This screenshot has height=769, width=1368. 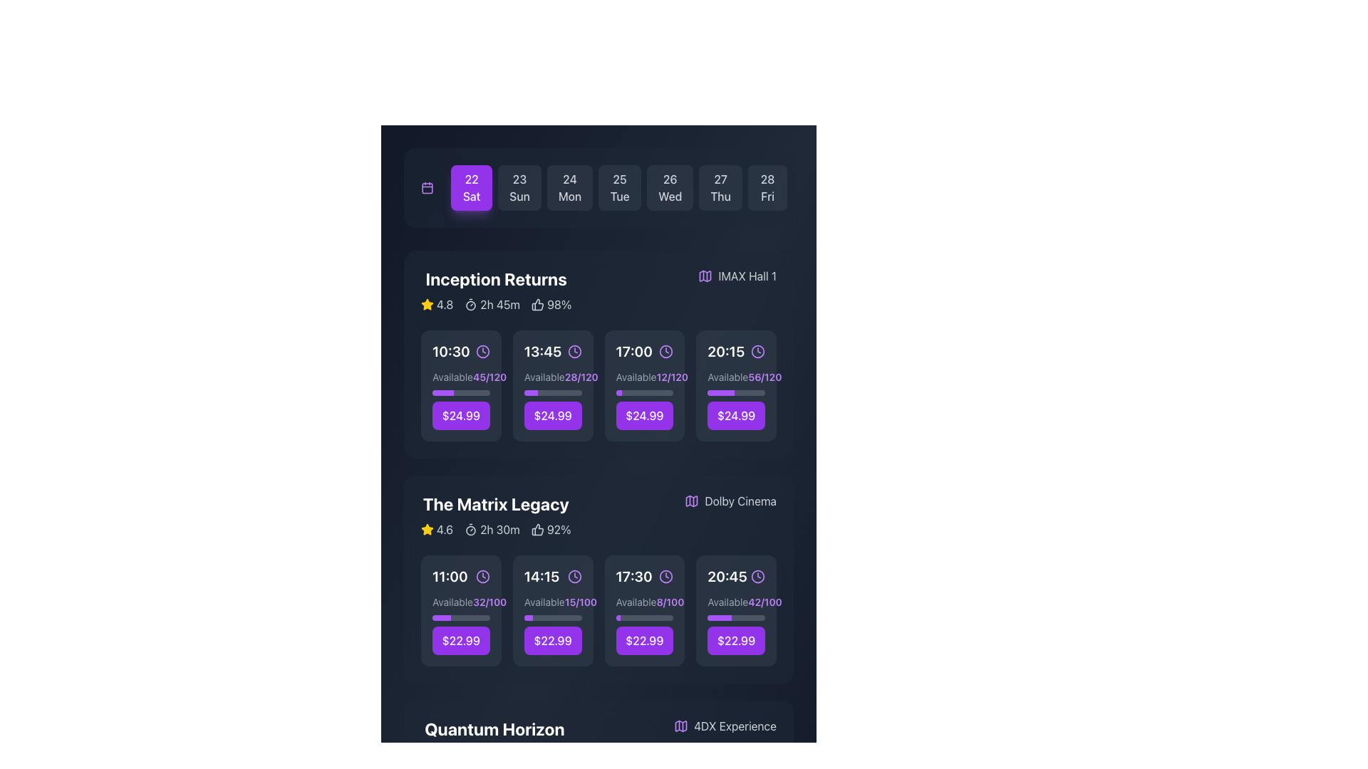 I want to click on the text label indicating the availability of seats for 'The Matrix Legacy' showtime, located beneath the '11:00' time heading, so click(x=461, y=602).